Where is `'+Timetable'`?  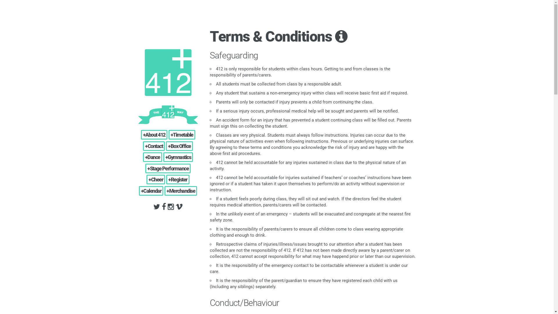 '+Timetable' is located at coordinates (181, 135).